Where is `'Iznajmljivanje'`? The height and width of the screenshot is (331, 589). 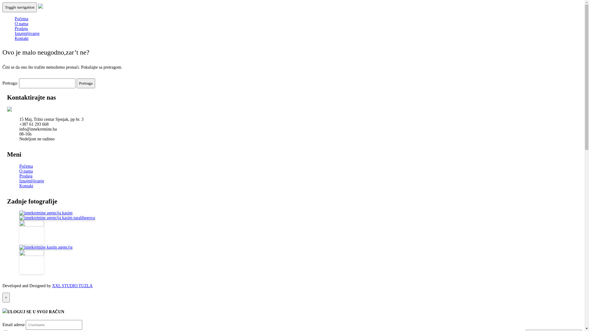
'Iznajmljivanje' is located at coordinates (31, 181).